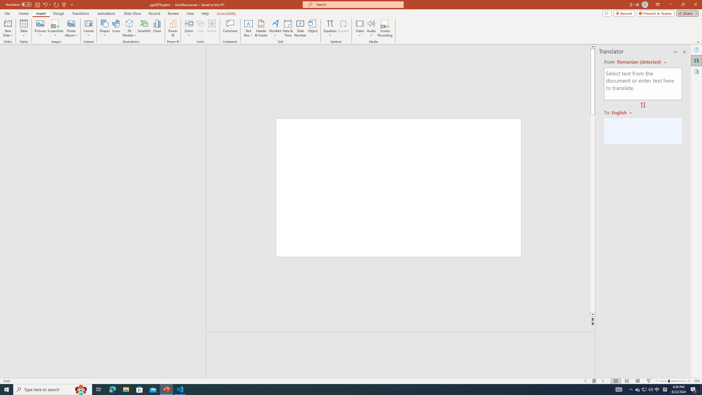  What do you see at coordinates (313, 28) in the screenshot?
I see `'Object...'` at bounding box center [313, 28].